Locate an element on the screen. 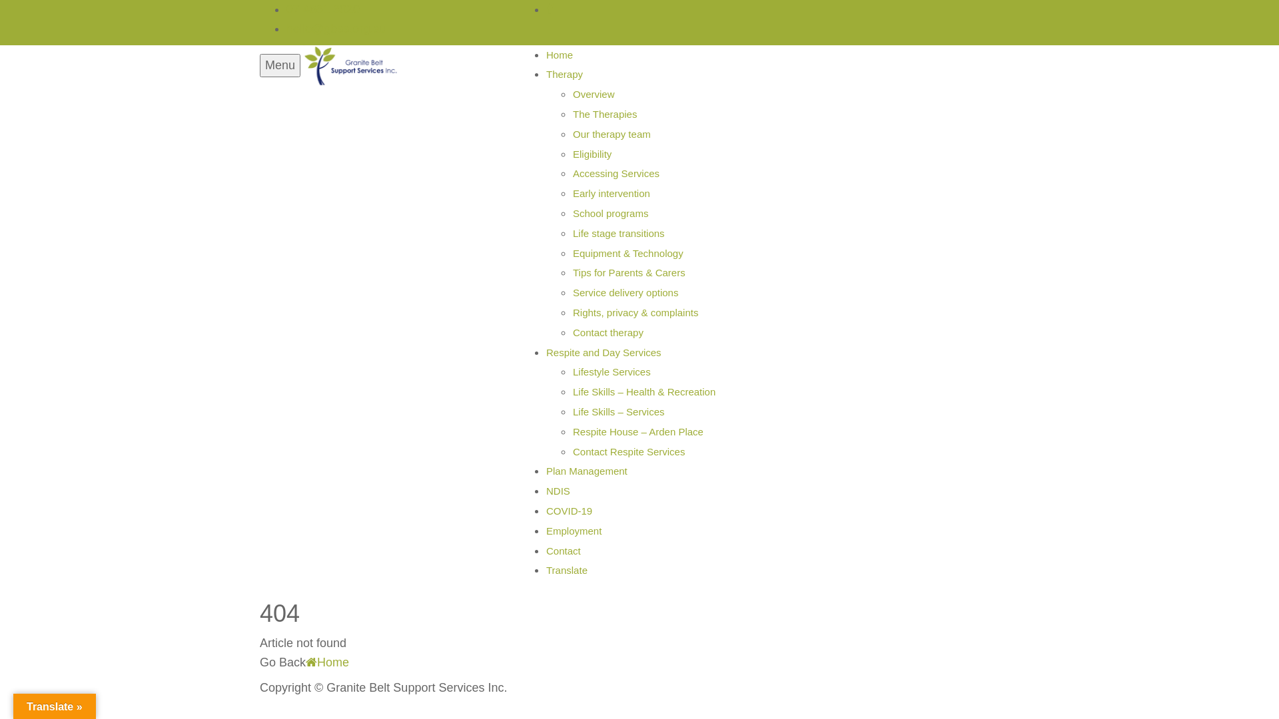 This screenshot has width=1279, height=719. 'Tips for Parents & Carers' is located at coordinates (628, 272).